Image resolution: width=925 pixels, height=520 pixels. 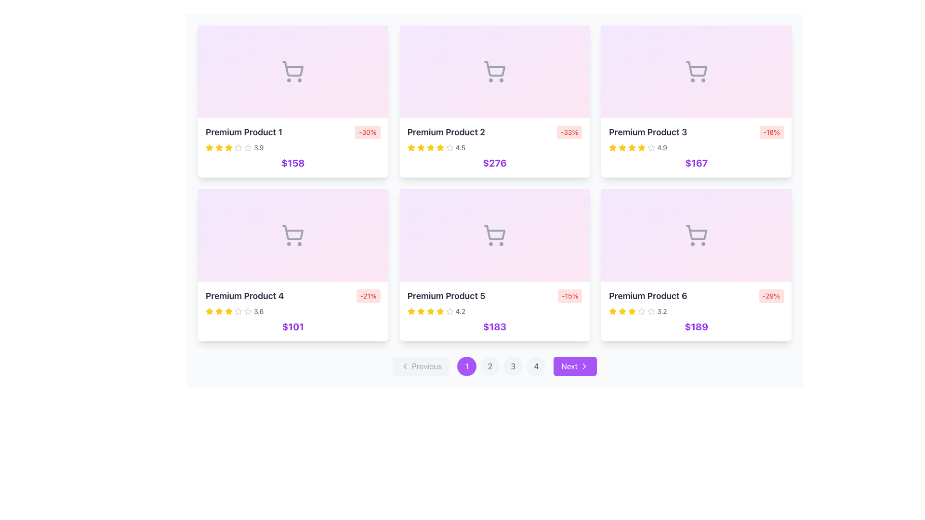 What do you see at coordinates (430, 311) in the screenshot?
I see `the fourth yellow filled star icon in the rating section of the 'Premium Product 5' card` at bounding box center [430, 311].